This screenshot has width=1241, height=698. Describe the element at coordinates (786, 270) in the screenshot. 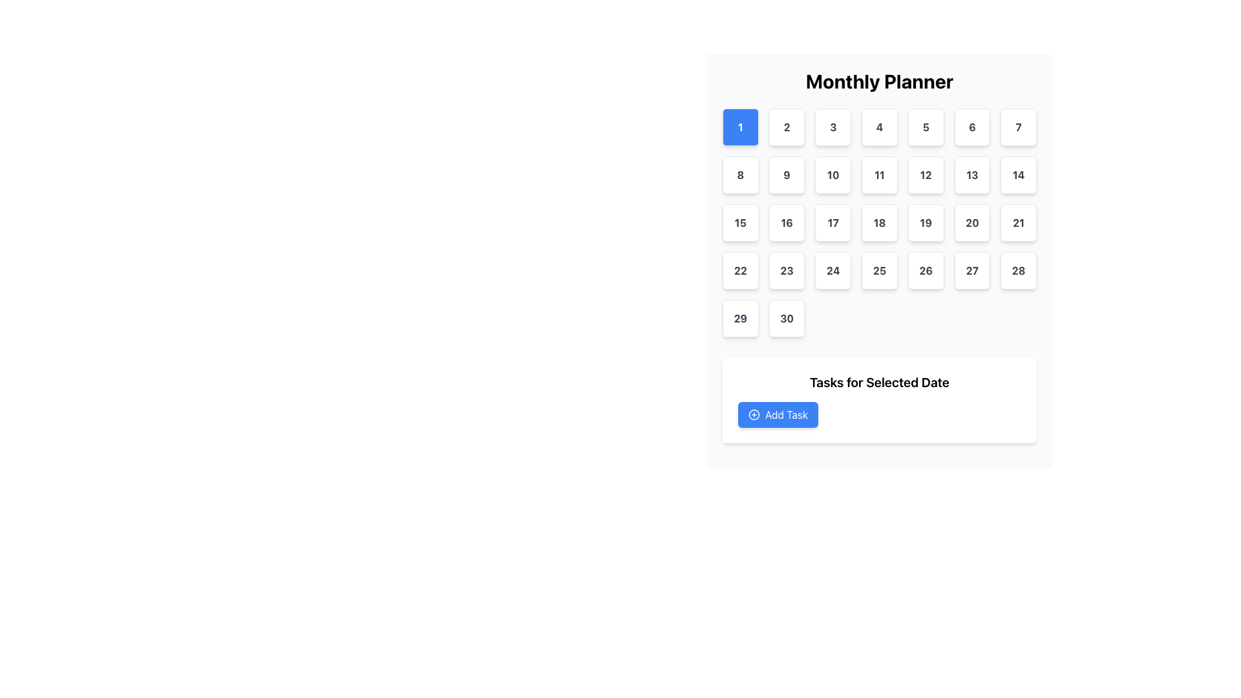

I see `the button representing the 23rd day in the Monthly Planner` at that location.